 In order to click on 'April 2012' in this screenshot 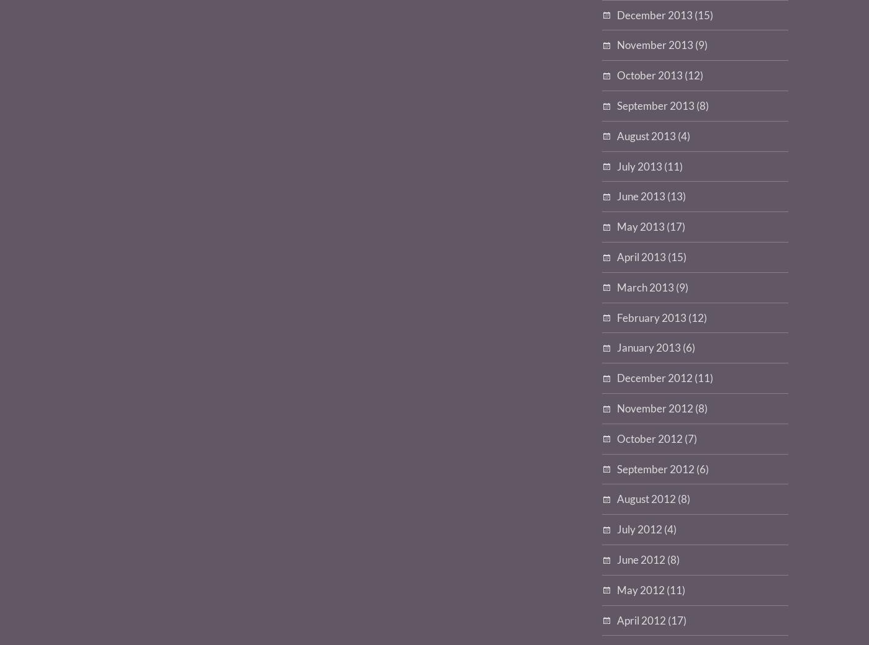, I will do `click(641, 620)`.